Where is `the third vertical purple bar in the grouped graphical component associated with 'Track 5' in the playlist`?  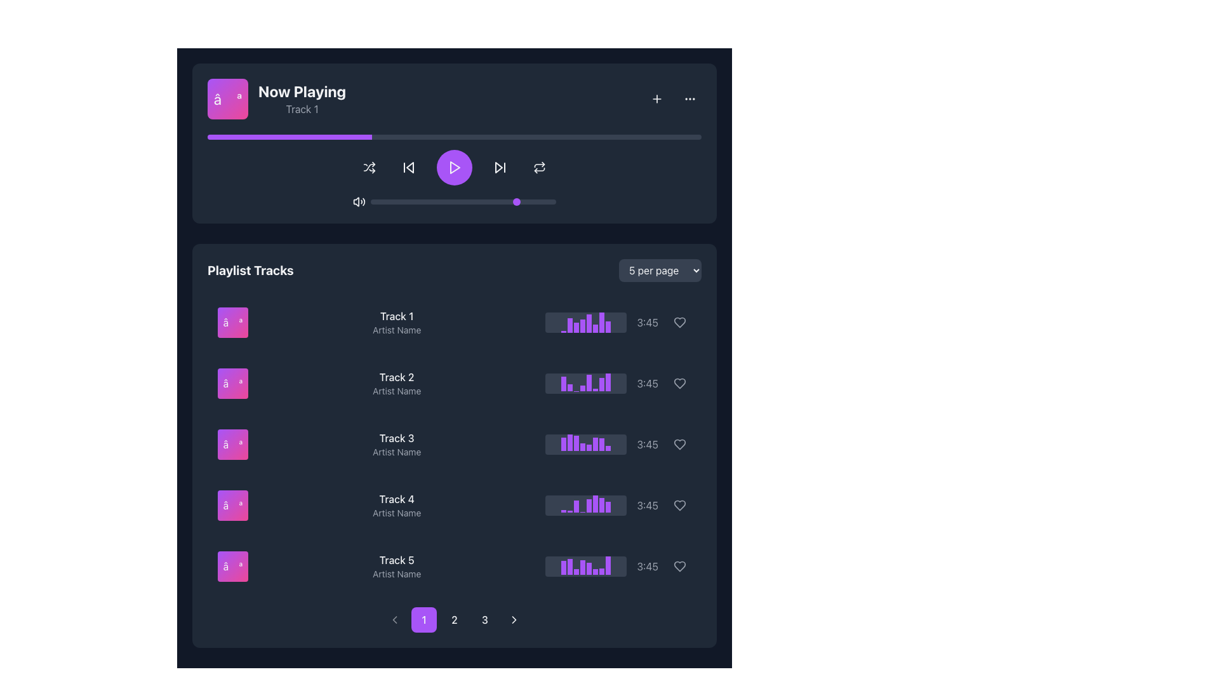
the third vertical purple bar in the grouped graphical component associated with 'Track 5' in the playlist is located at coordinates (576, 572).